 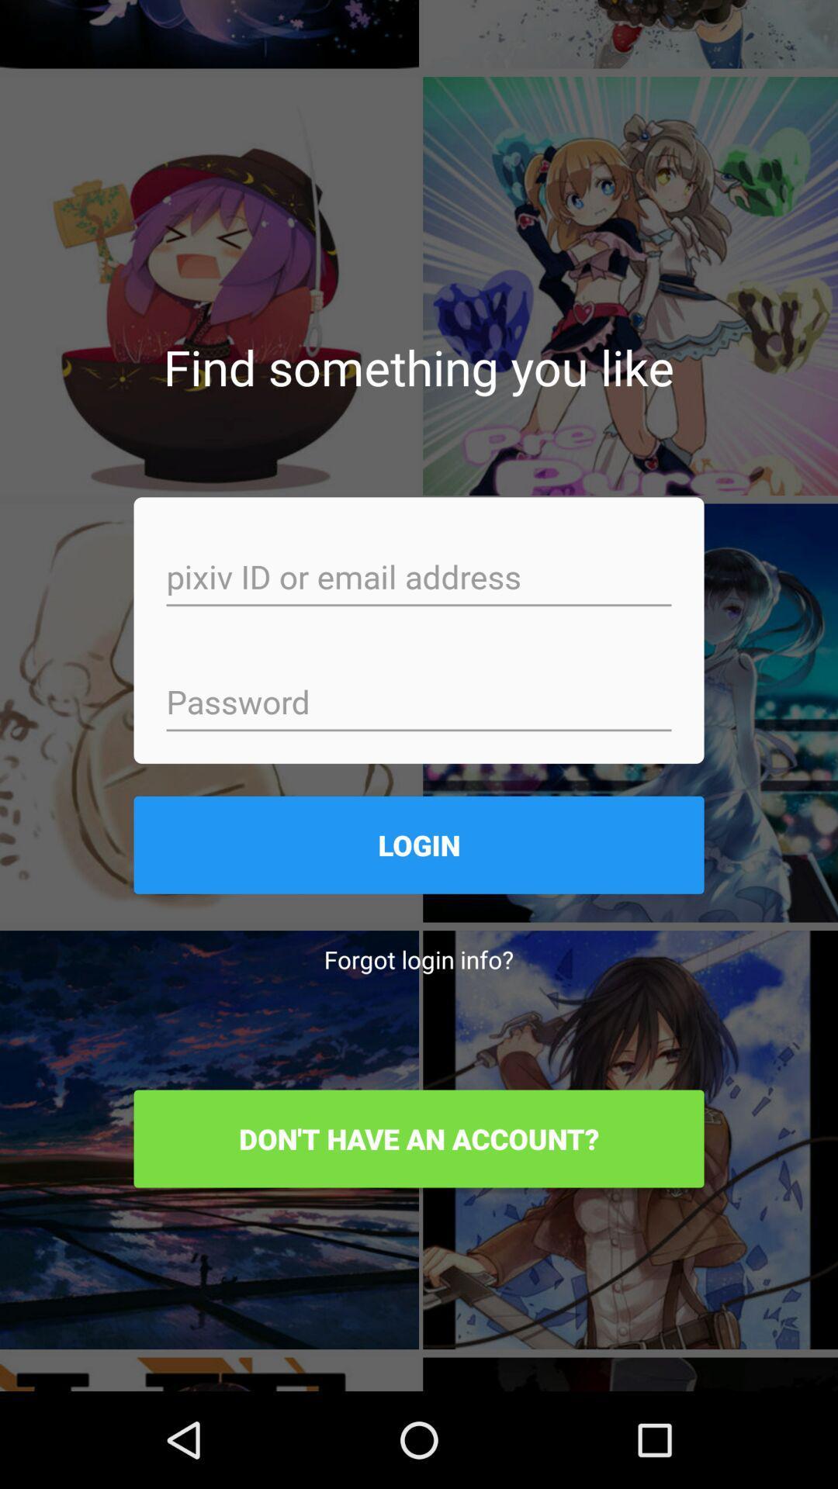 What do you see at coordinates (419, 1138) in the screenshot?
I see `item below forgot login info? item` at bounding box center [419, 1138].